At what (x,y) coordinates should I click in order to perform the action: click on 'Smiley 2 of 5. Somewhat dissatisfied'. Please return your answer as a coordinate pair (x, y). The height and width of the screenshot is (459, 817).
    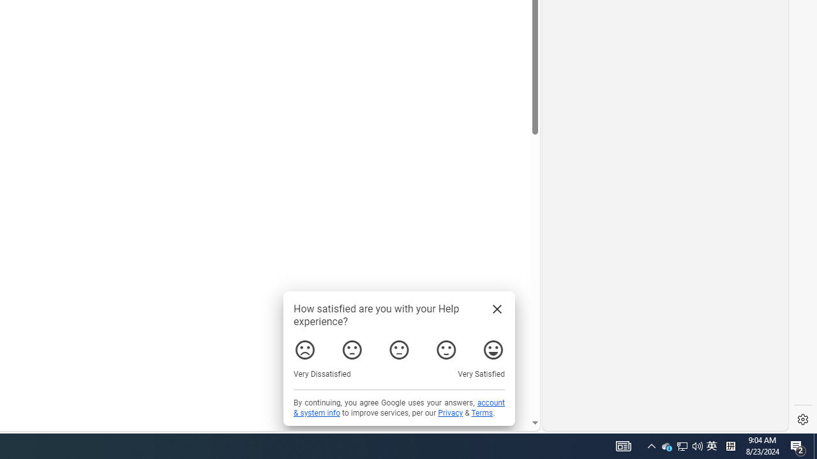
    Looking at the image, I should click on (352, 350).